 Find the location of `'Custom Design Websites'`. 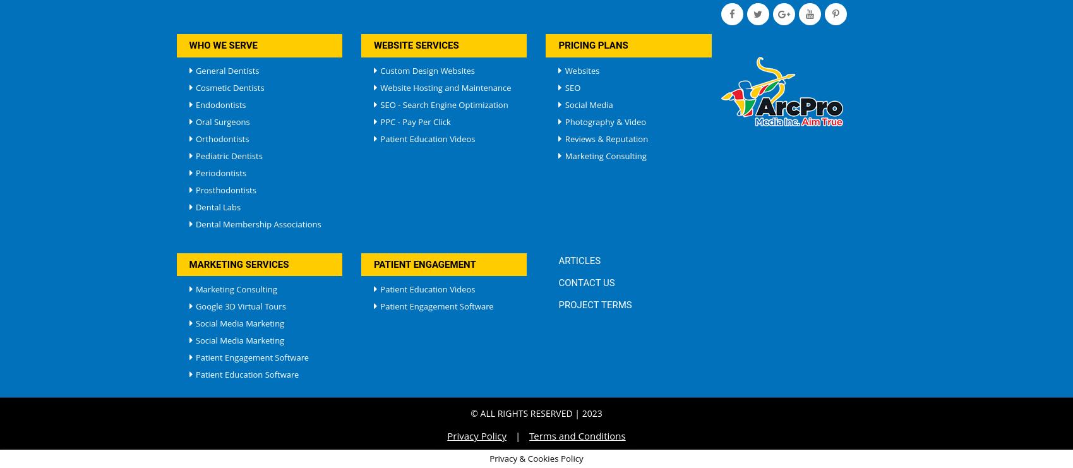

'Custom Design Websites' is located at coordinates (426, 70).